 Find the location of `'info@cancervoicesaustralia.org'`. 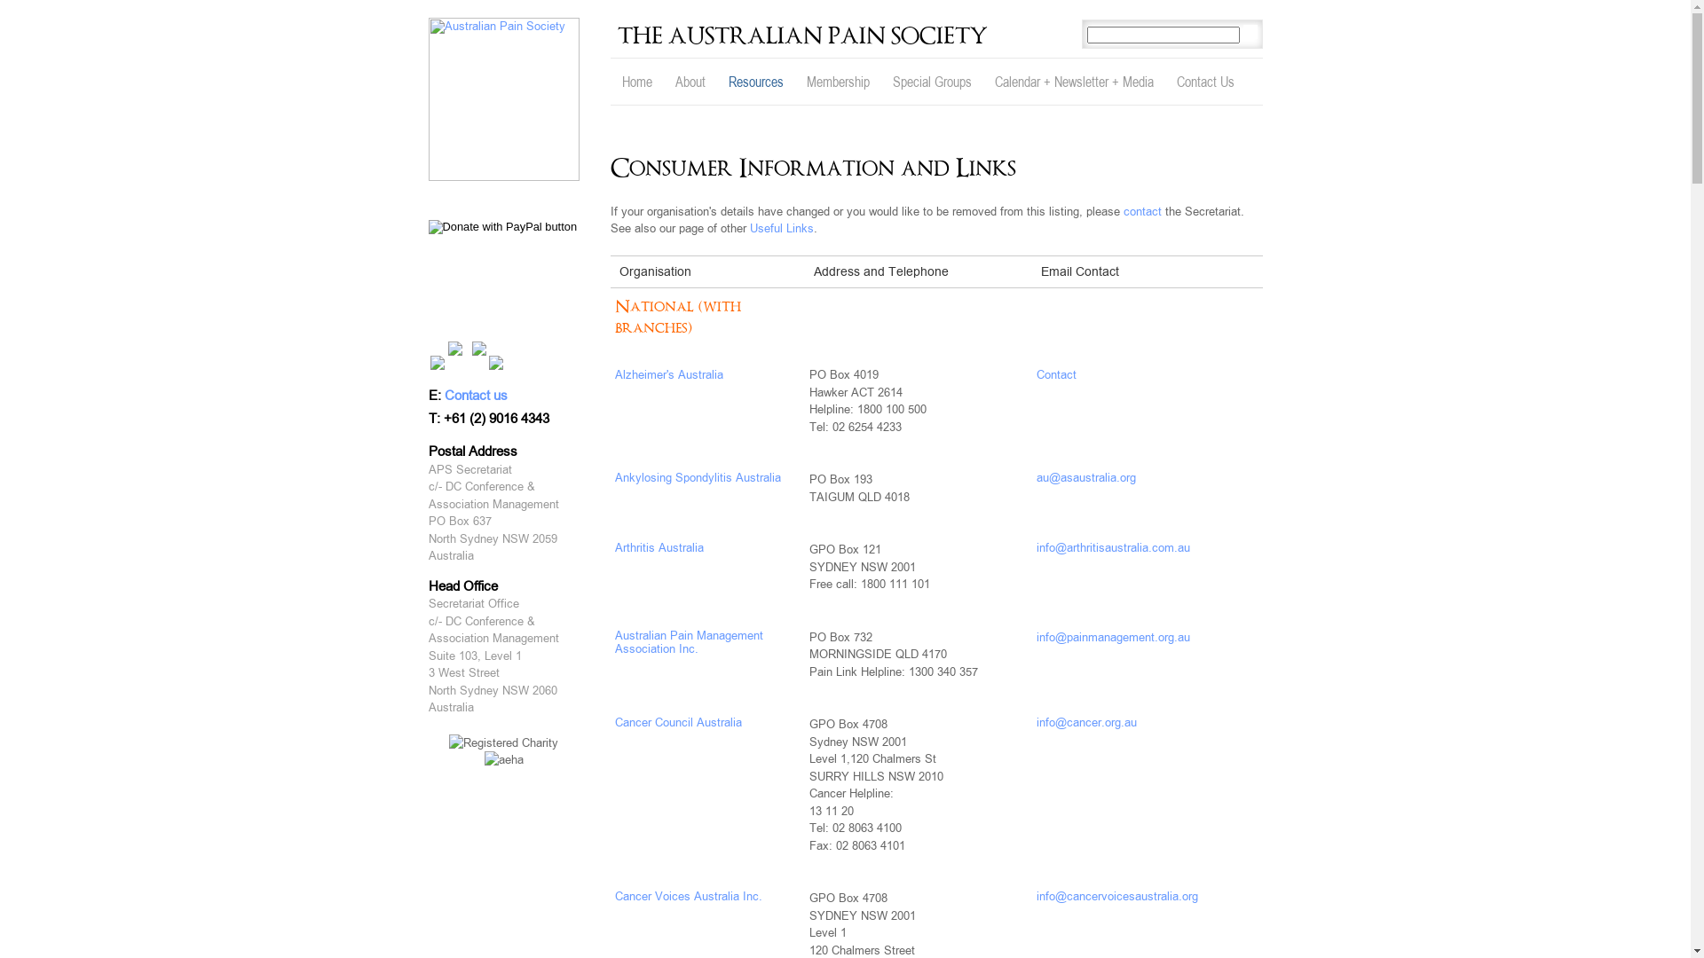

'info@cancervoicesaustralia.org' is located at coordinates (1116, 896).